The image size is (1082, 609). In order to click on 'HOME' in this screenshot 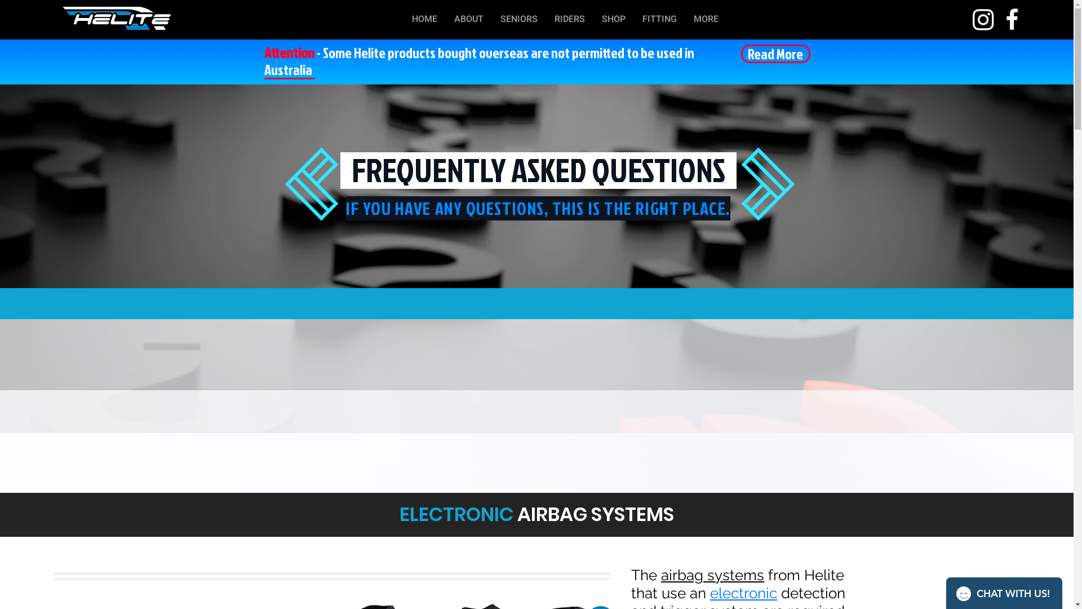, I will do `click(424, 19)`.